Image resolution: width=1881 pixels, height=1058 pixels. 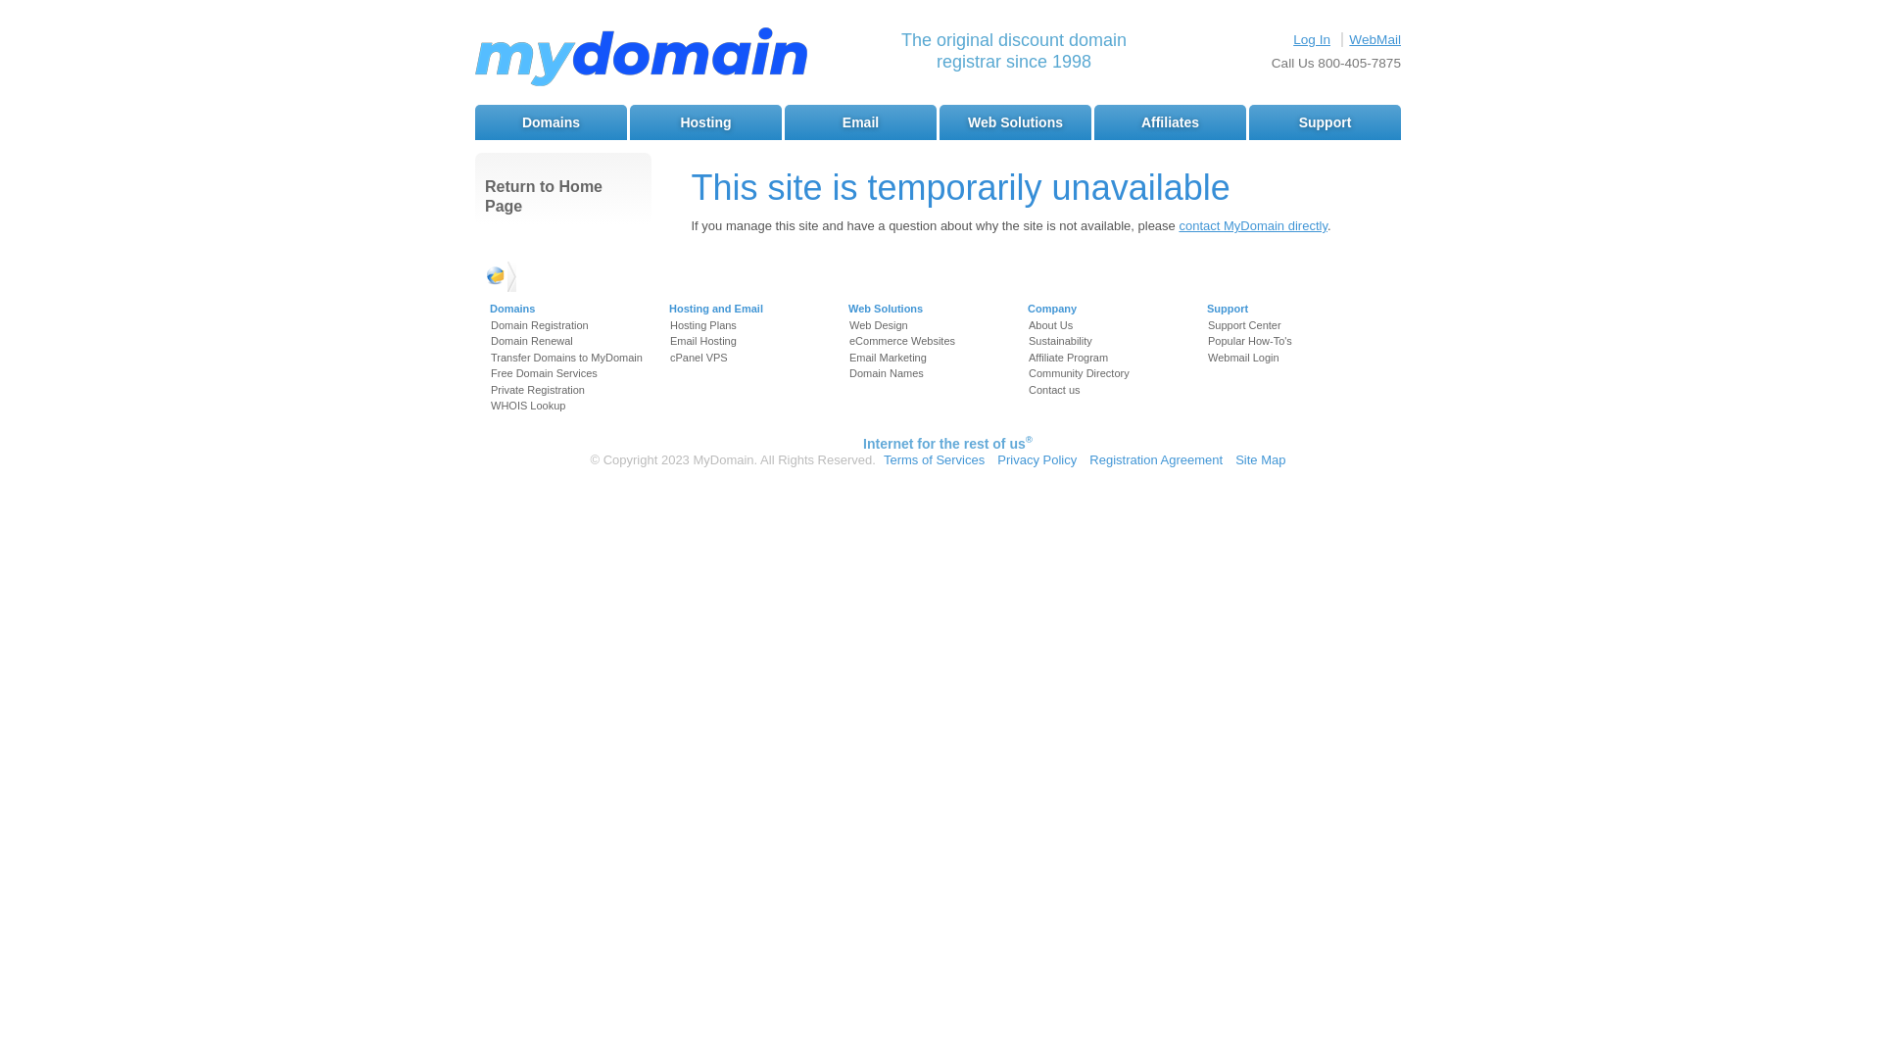 What do you see at coordinates (860, 121) in the screenshot?
I see `'Email'` at bounding box center [860, 121].